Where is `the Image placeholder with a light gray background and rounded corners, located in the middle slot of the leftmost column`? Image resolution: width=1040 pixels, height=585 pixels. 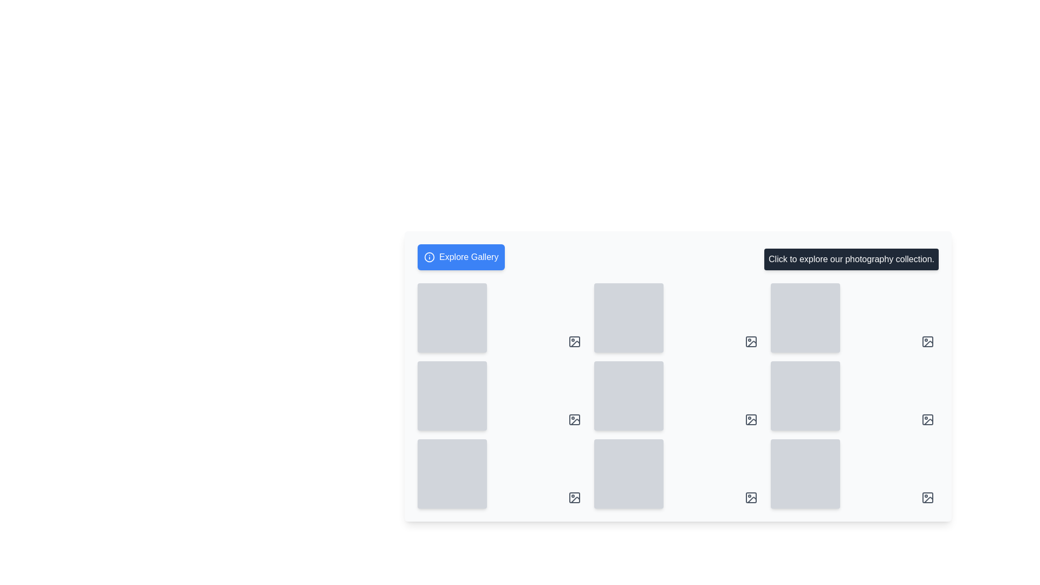 the Image placeholder with a light gray background and rounded corners, located in the middle slot of the leftmost column is located at coordinates (501, 396).